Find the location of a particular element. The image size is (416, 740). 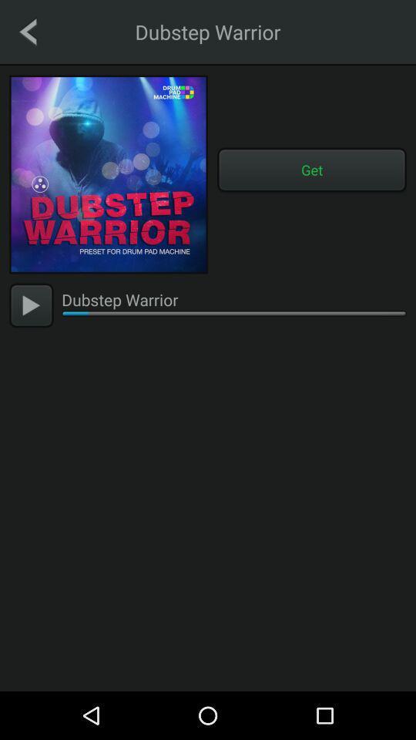

the play icon is located at coordinates (31, 304).